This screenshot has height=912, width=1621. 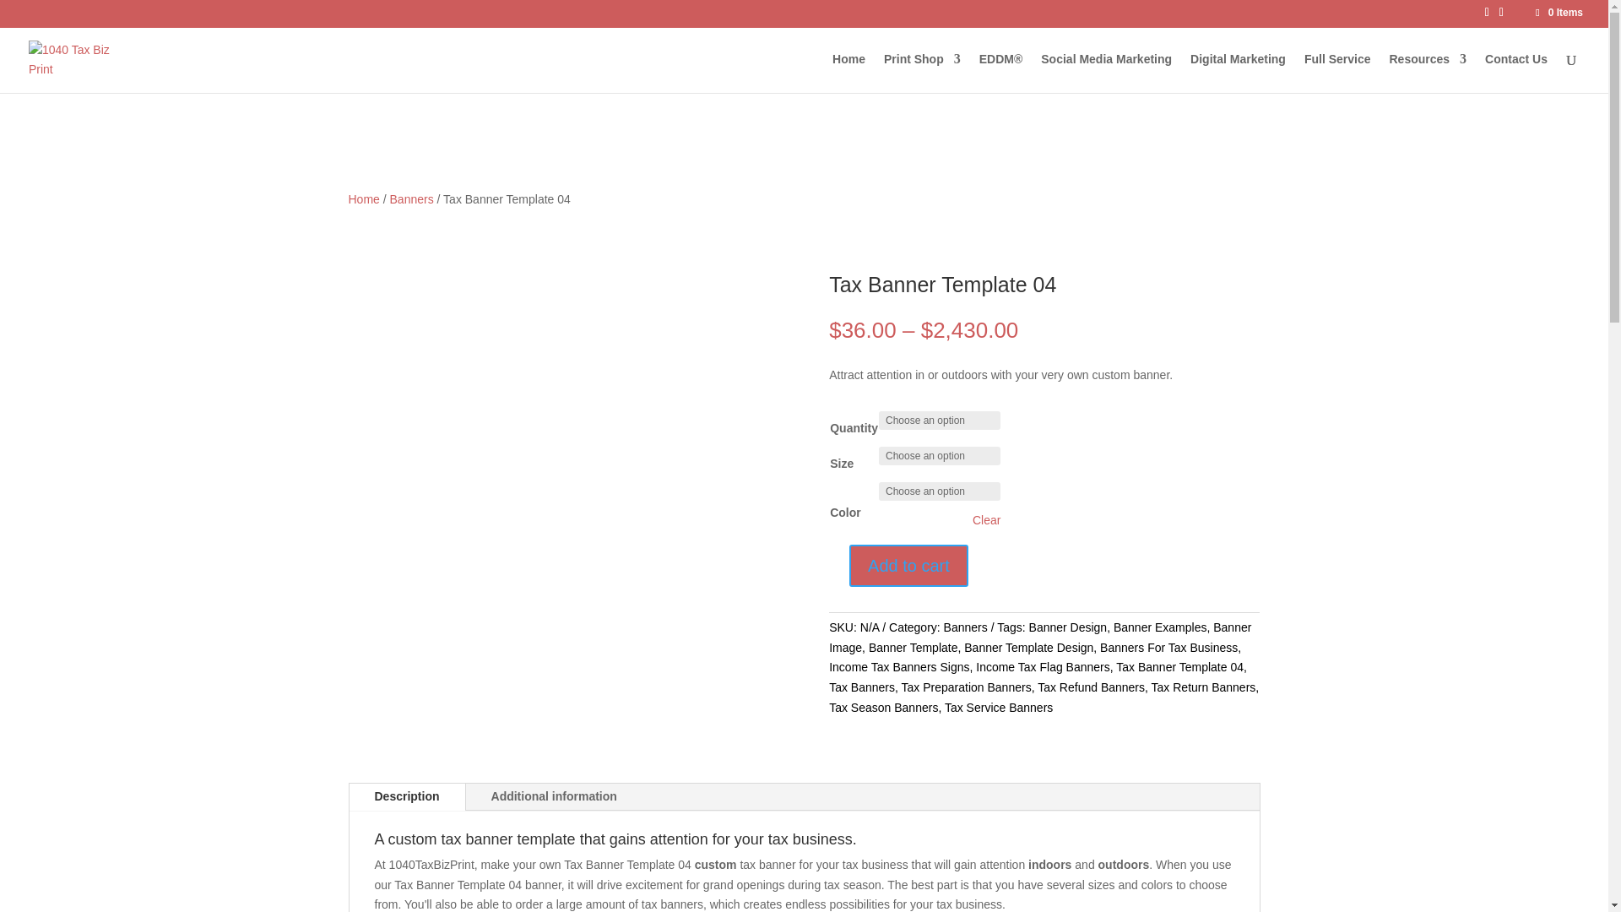 I want to click on 'Social Media Marketing', so click(x=1106, y=72).